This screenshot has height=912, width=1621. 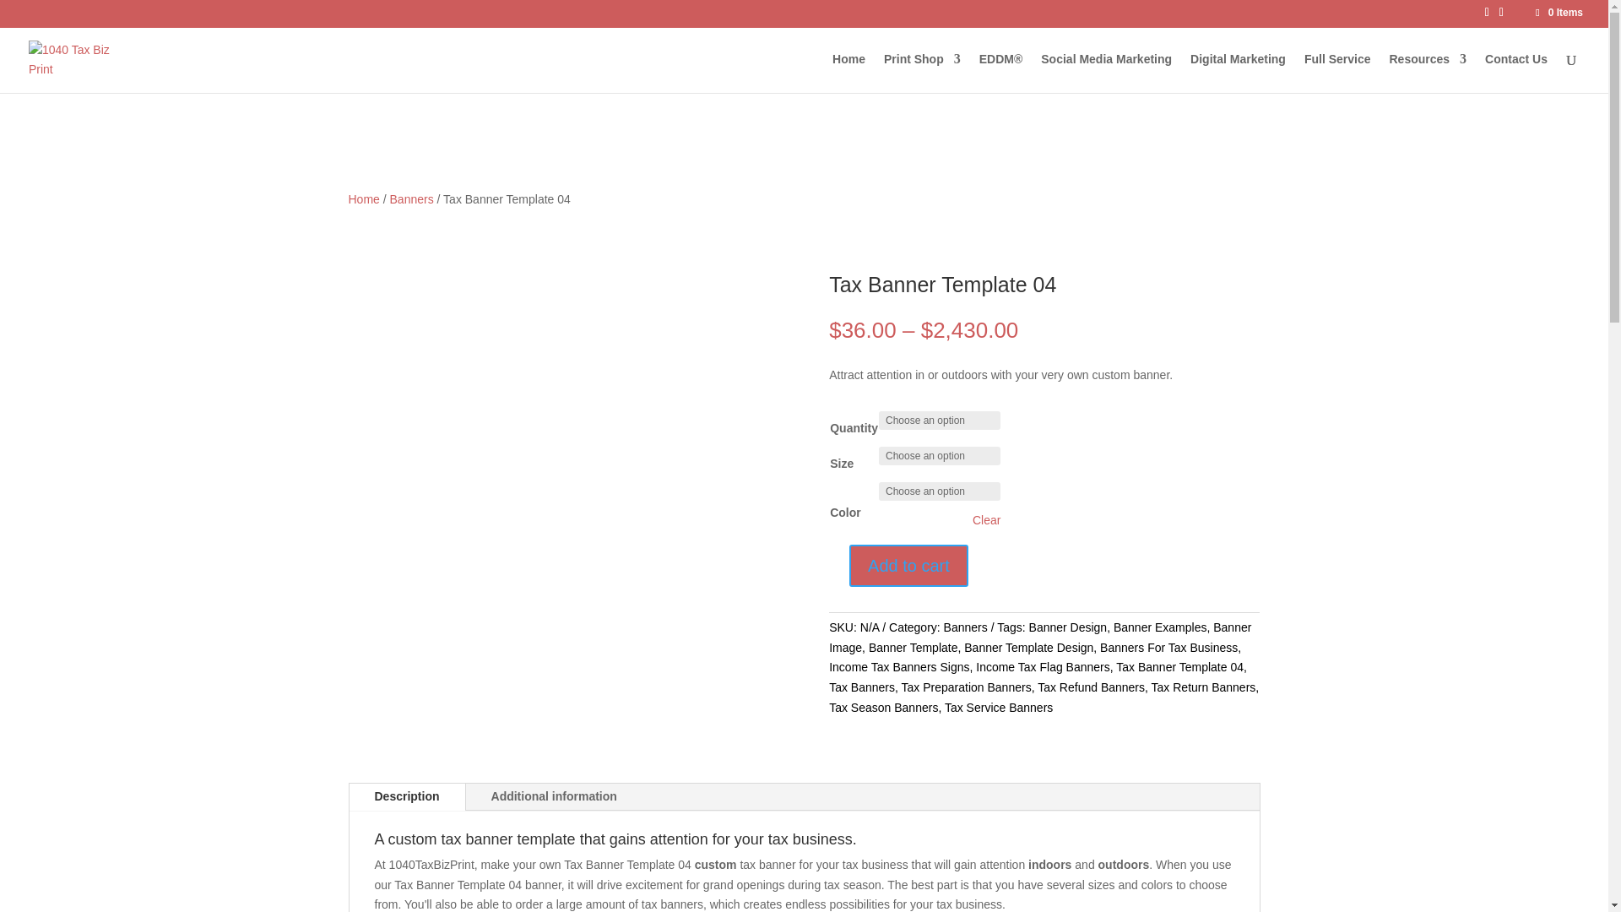 I want to click on 'Social Media Marketing', so click(x=1106, y=72).